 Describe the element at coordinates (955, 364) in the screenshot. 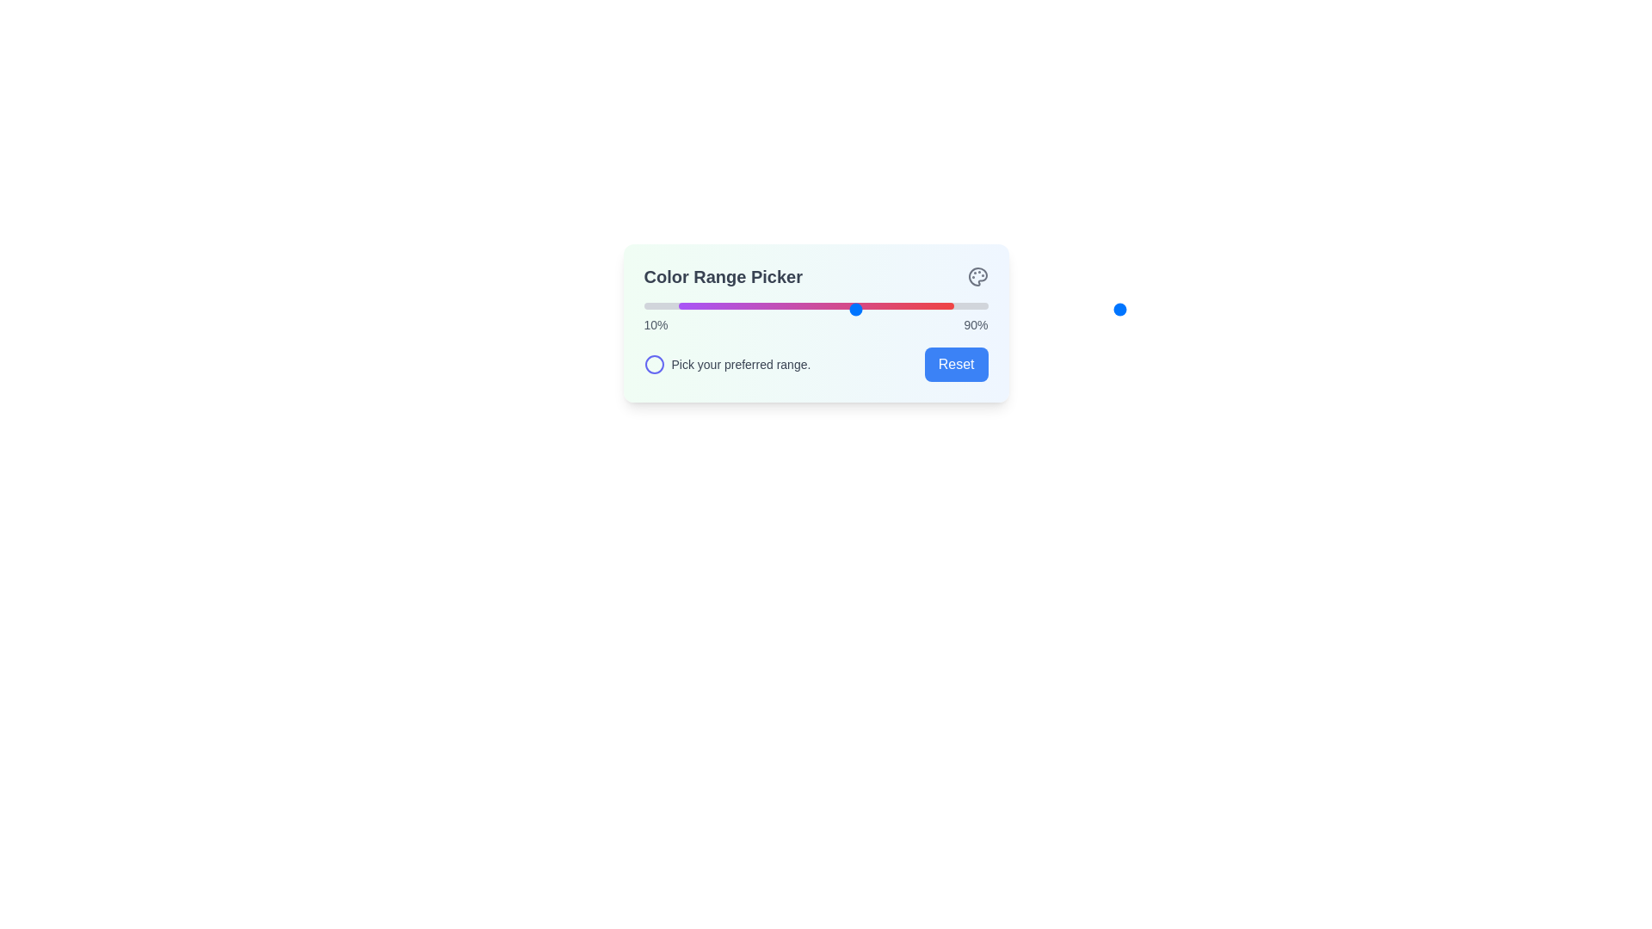

I see `the 'Reset' button, which is a rectangular button with a blue background and white text, located on the right side of the interface near the bottom` at that location.